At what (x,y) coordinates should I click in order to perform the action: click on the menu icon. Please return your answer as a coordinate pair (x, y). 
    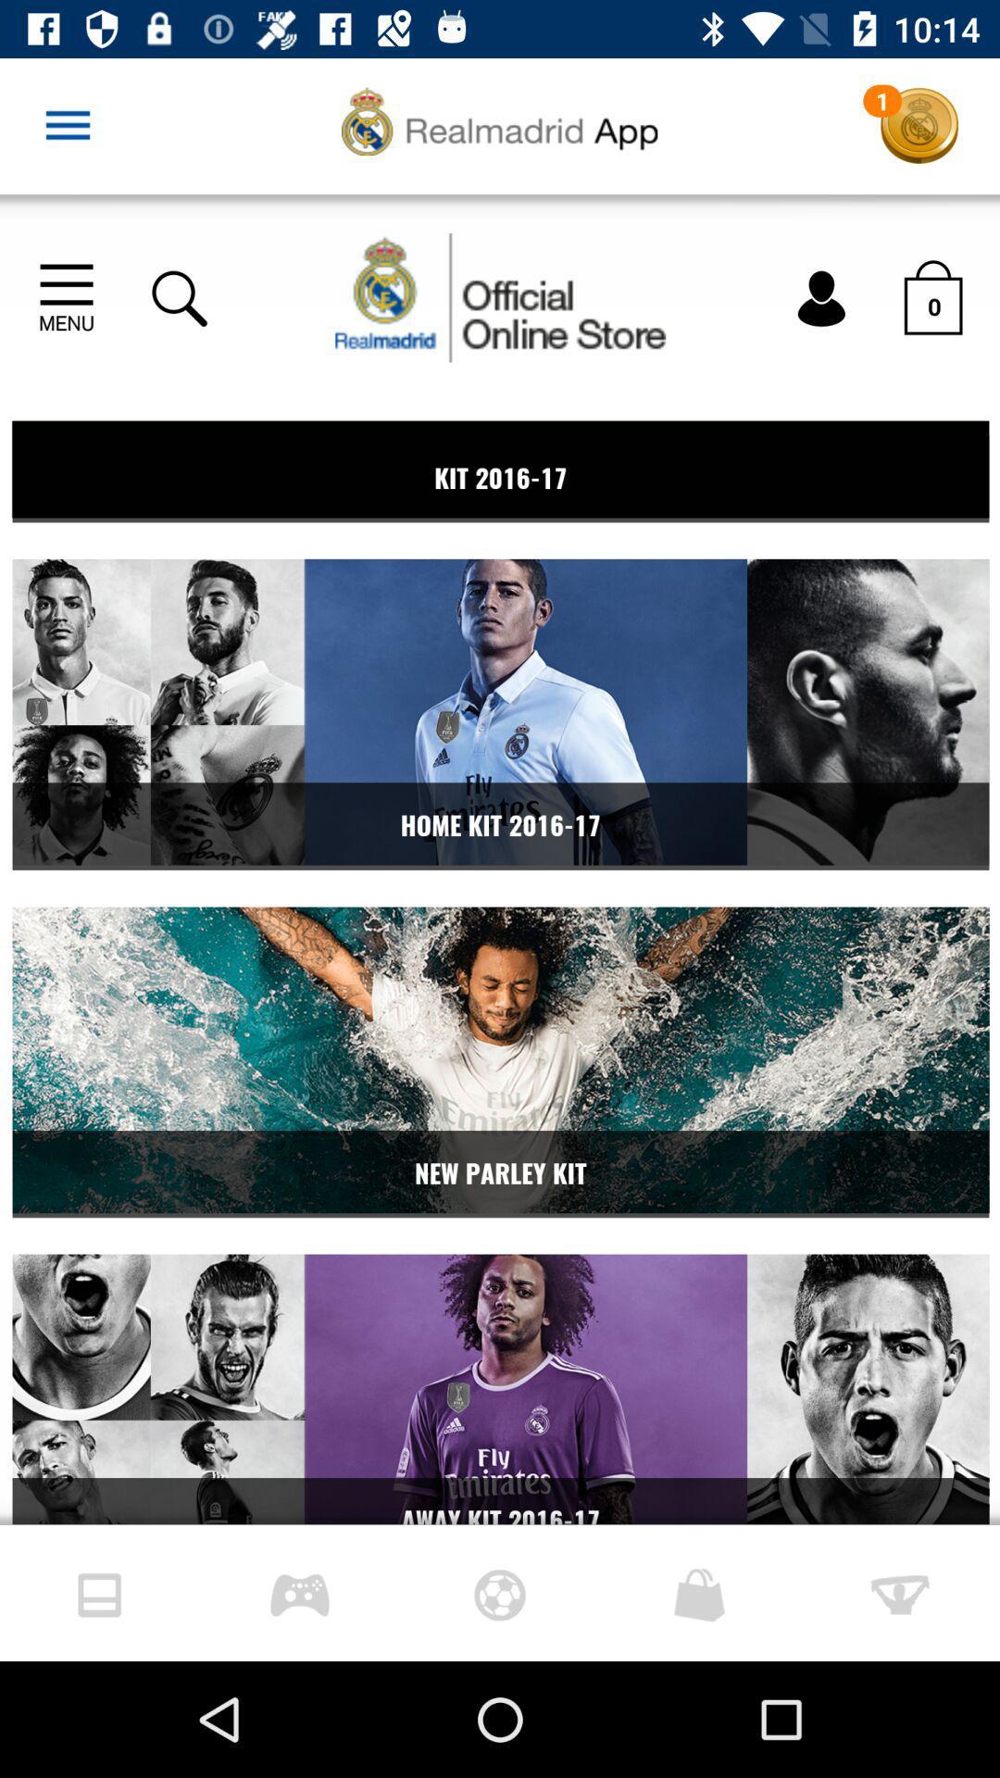
    Looking at the image, I should click on (67, 125).